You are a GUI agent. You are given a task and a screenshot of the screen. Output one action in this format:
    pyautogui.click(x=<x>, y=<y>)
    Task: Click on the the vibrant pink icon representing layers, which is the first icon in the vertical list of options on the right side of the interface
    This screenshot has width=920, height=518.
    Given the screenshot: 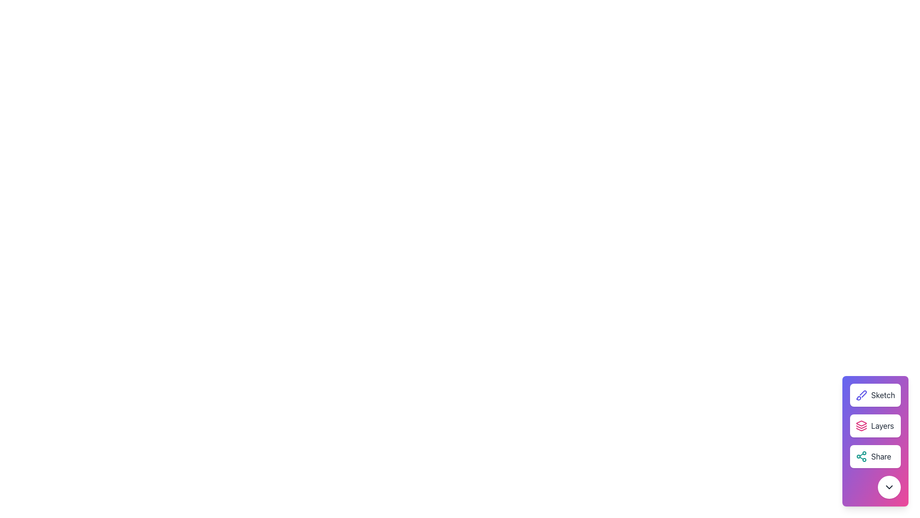 What is the action you would take?
    pyautogui.click(x=862, y=425)
    